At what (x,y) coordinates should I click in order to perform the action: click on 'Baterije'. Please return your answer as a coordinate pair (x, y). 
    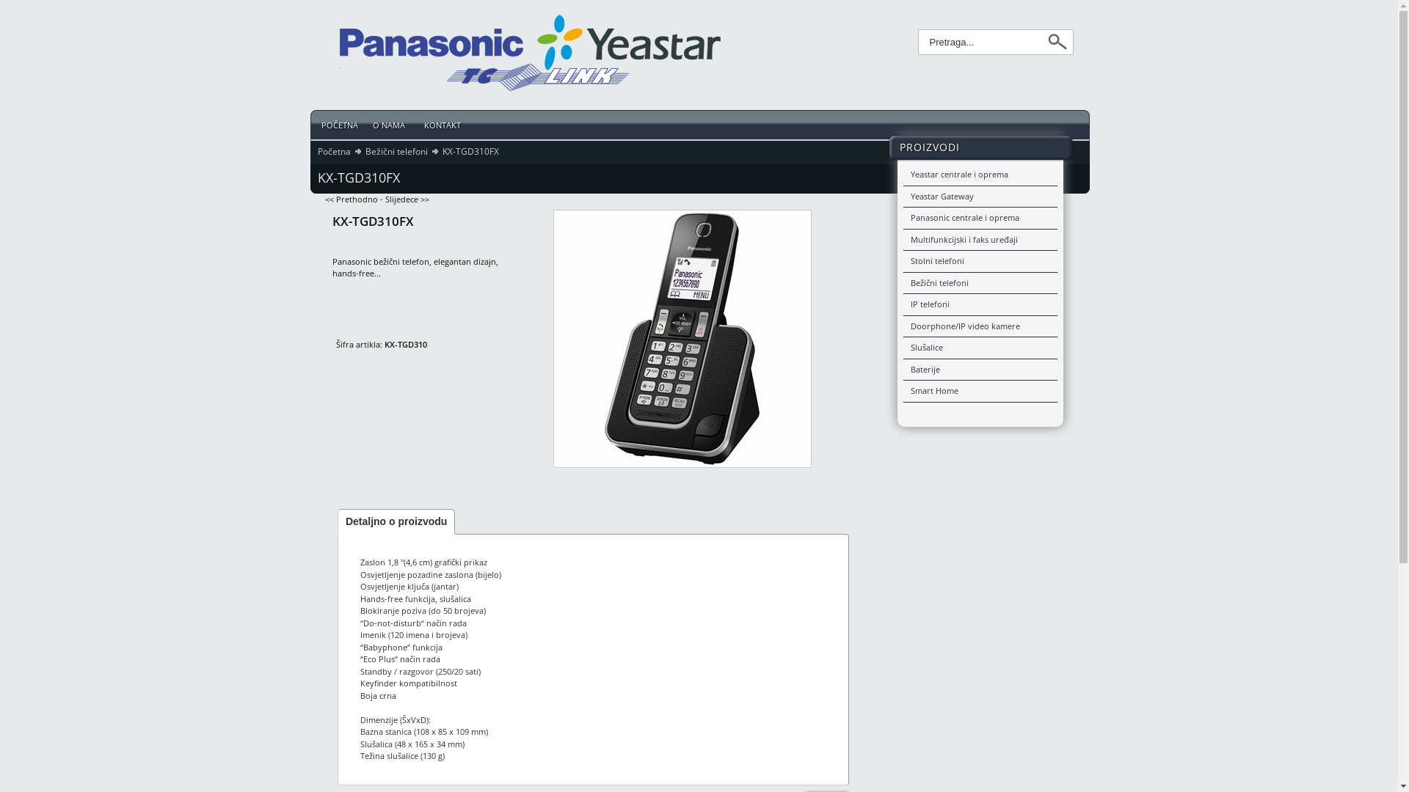
    Looking at the image, I should click on (979, 370).